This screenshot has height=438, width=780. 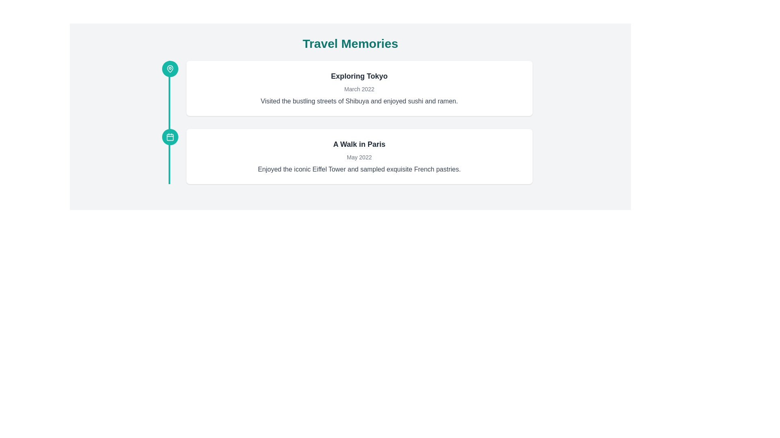 I want to click on the text element displaying the title 'A Walk in Paris' located at the top of the card in the vertical timeline layout, so click(x=359, y=144).